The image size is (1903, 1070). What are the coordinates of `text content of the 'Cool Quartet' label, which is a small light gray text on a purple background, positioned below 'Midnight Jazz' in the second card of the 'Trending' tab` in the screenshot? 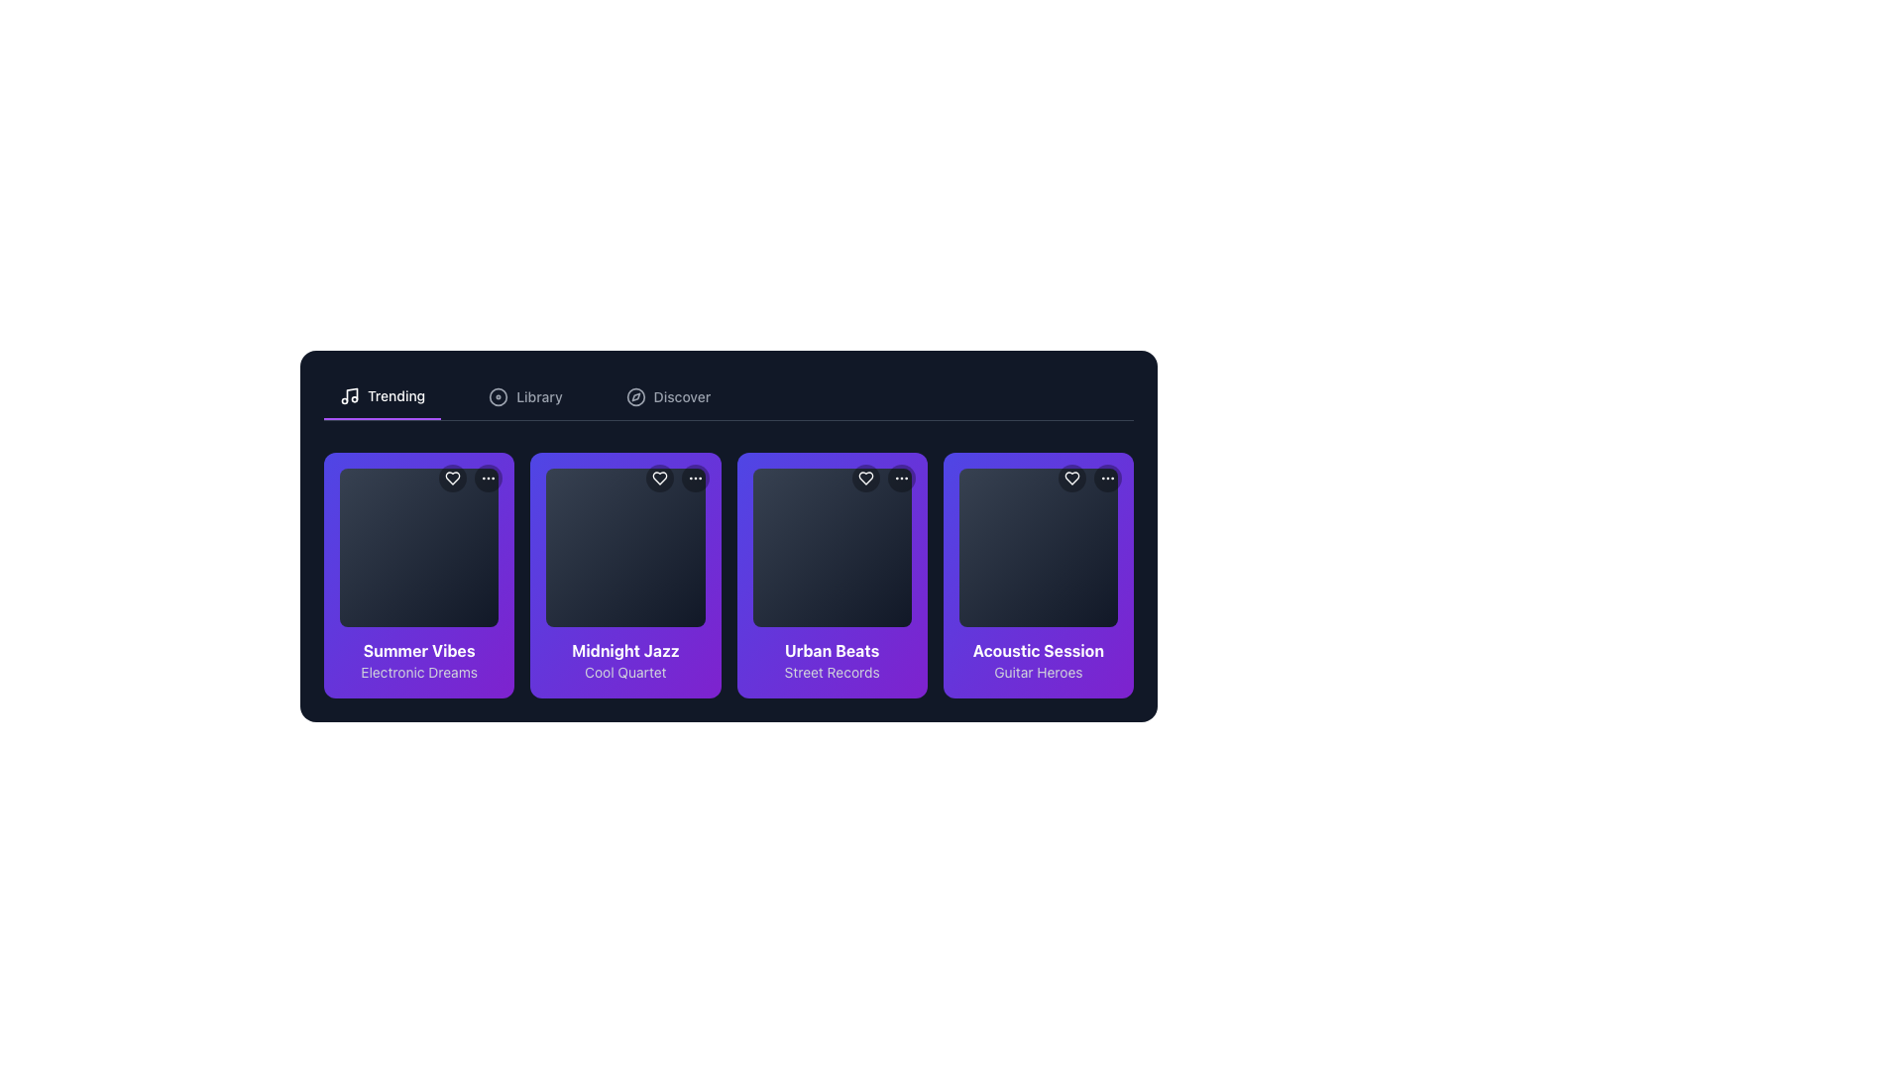 It's located at (624, 672).